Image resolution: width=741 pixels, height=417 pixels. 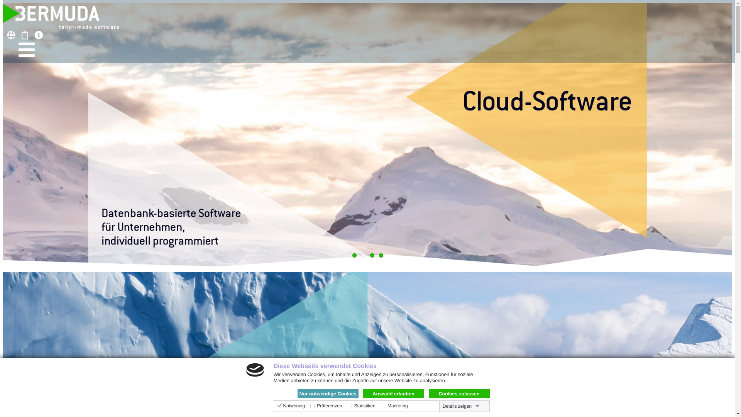 What do you see at coordinates (372, 255) in the screenshot?
I see `'3'` at bounding box center [372, 255].